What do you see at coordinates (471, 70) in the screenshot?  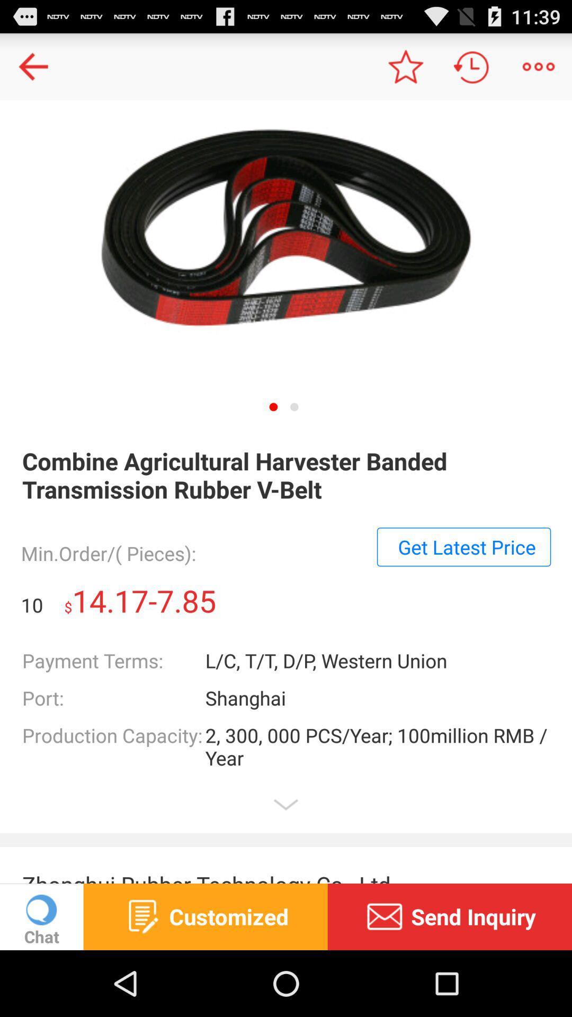 I see `the history icon` at bounding box center [471, 70].